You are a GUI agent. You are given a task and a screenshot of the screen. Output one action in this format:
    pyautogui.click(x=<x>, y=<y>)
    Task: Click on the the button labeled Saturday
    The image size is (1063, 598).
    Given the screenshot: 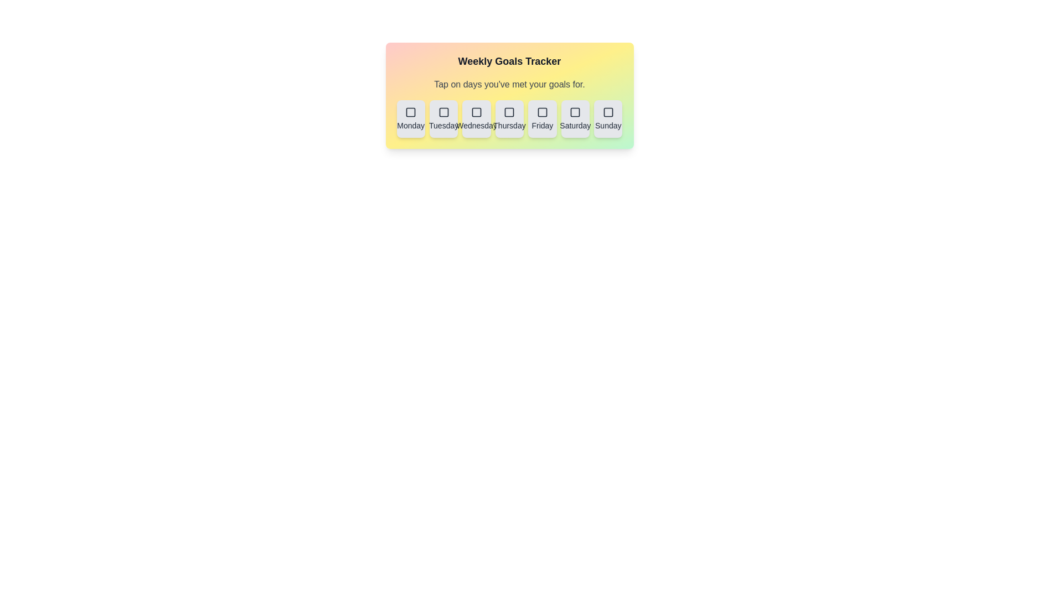 What is the action you would take?
    pyautogui.click(x=575, y=119)
    